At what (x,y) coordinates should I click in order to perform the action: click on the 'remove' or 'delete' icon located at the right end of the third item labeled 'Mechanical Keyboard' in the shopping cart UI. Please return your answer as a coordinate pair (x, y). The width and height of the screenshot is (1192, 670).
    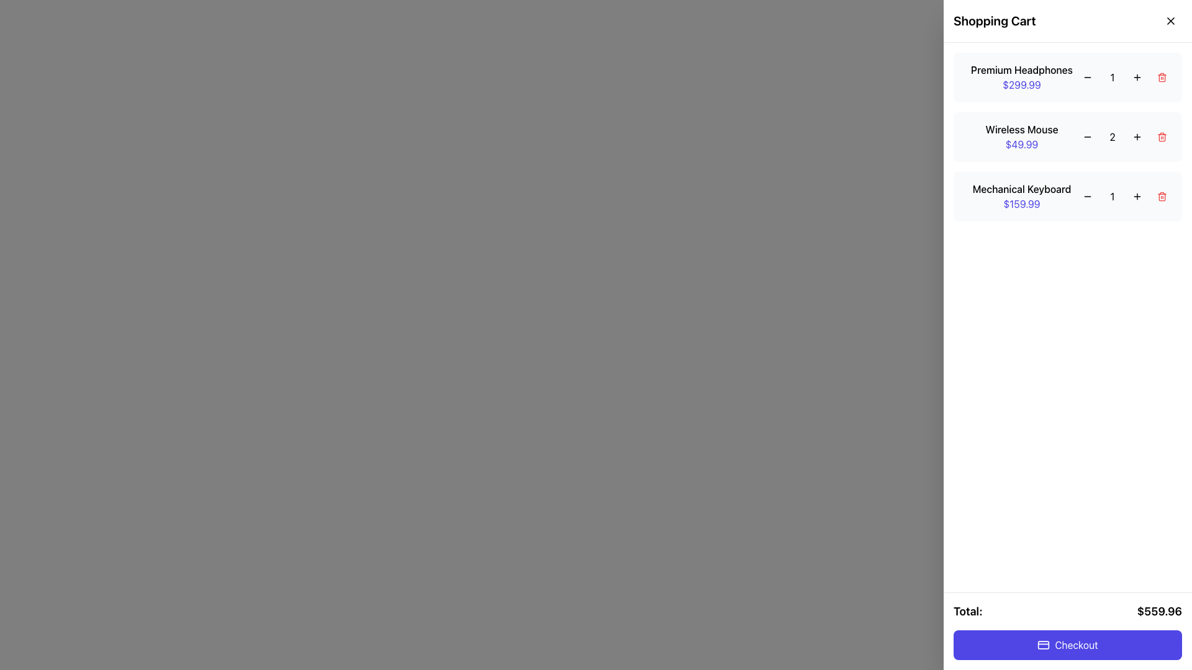
    Looking at the image, I should click on (1162, 195).